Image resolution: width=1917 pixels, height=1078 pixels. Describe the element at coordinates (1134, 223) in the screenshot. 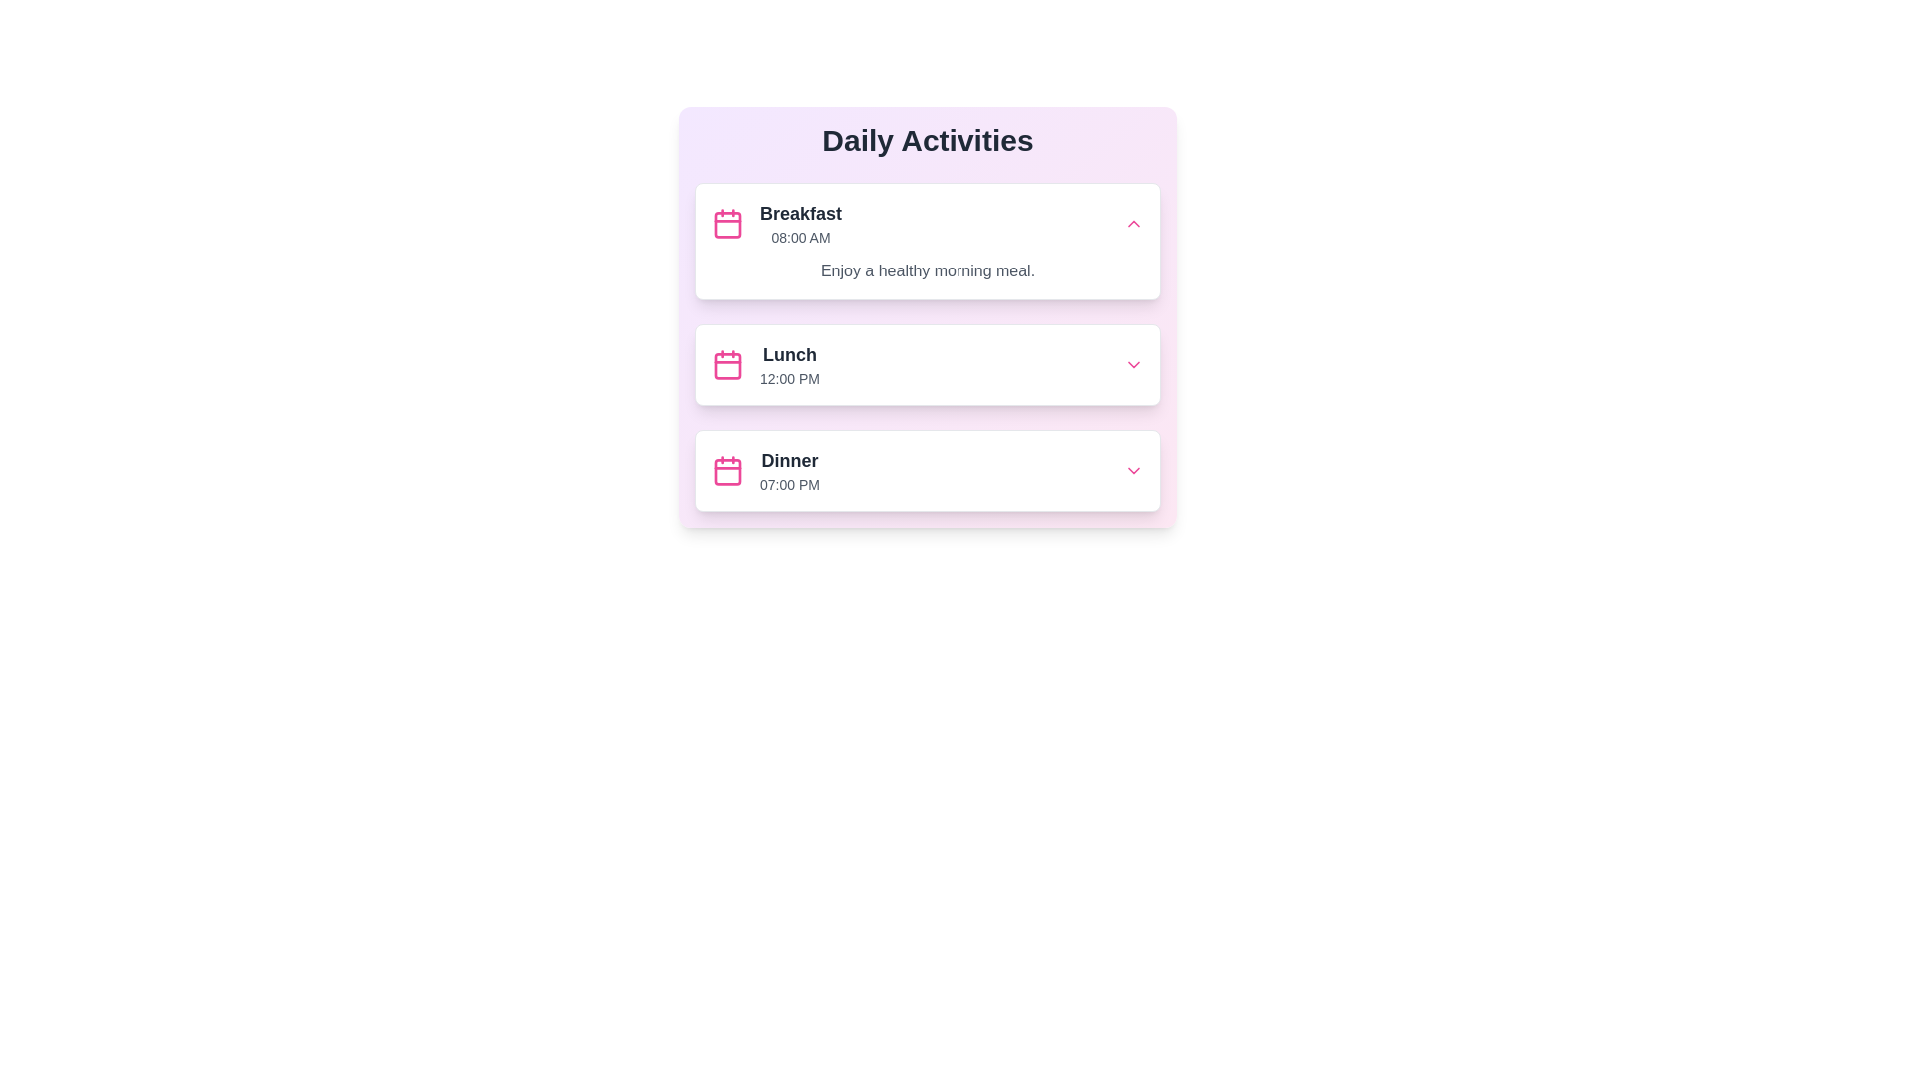

I see `the upward-facing pink arrow button located on the far-right of the 'Breakfast' section` at that location.